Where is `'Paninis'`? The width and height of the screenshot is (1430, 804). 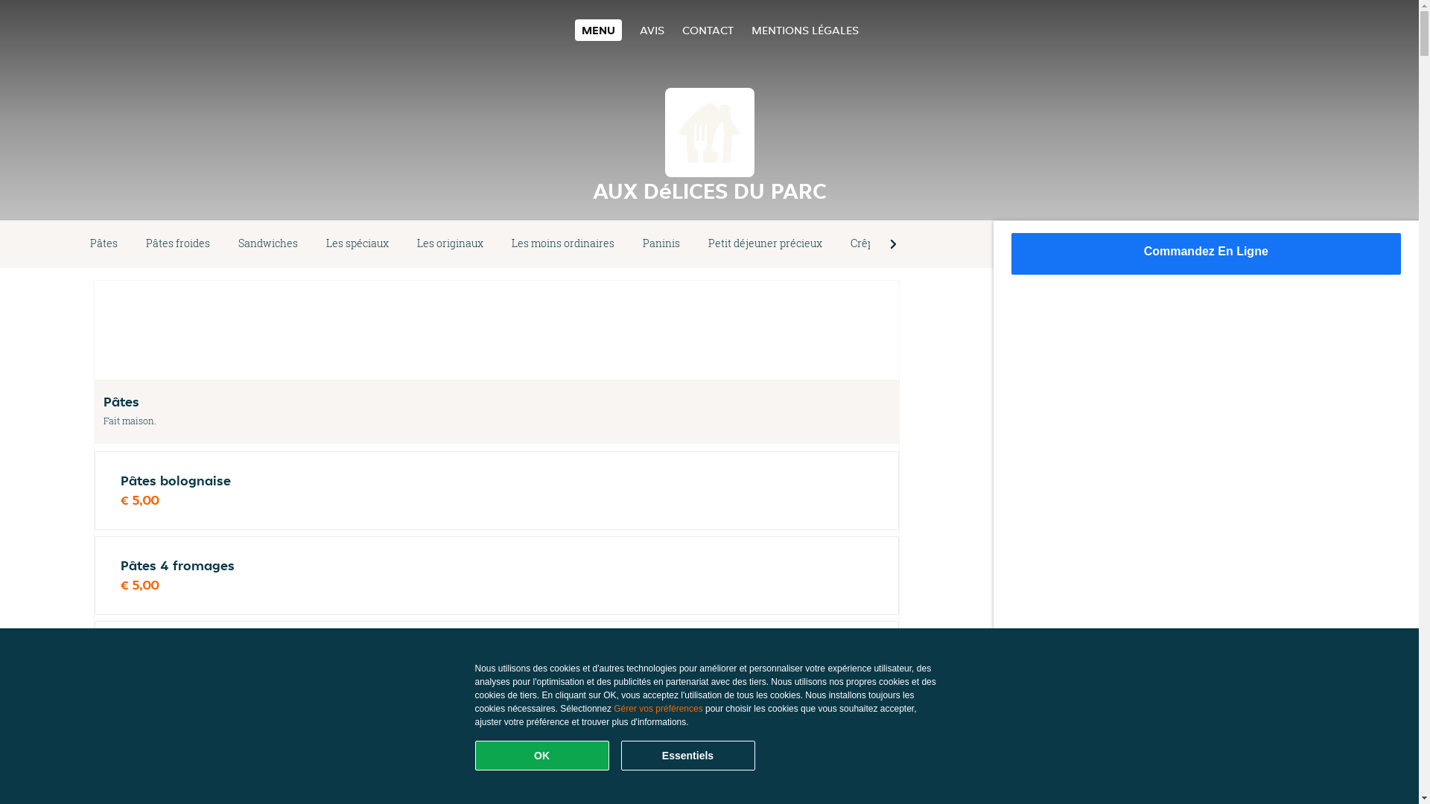
'Paninis' is located at coordinates (661, 243).